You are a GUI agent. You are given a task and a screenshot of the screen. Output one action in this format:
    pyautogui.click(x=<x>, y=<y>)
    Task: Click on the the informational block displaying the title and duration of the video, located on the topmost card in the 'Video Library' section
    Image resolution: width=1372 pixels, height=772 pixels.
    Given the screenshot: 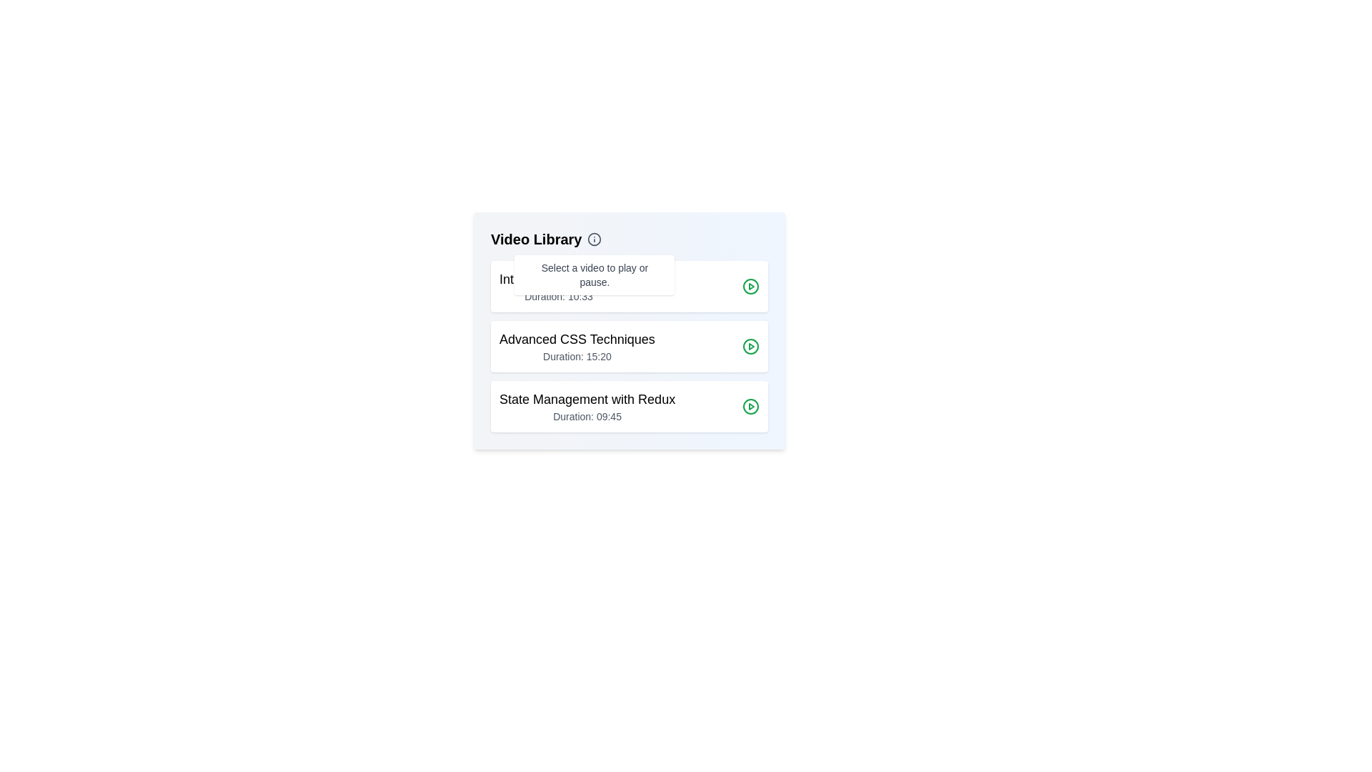 What is the action you would take?
    pyautogui.click(x=558, y=287)
    